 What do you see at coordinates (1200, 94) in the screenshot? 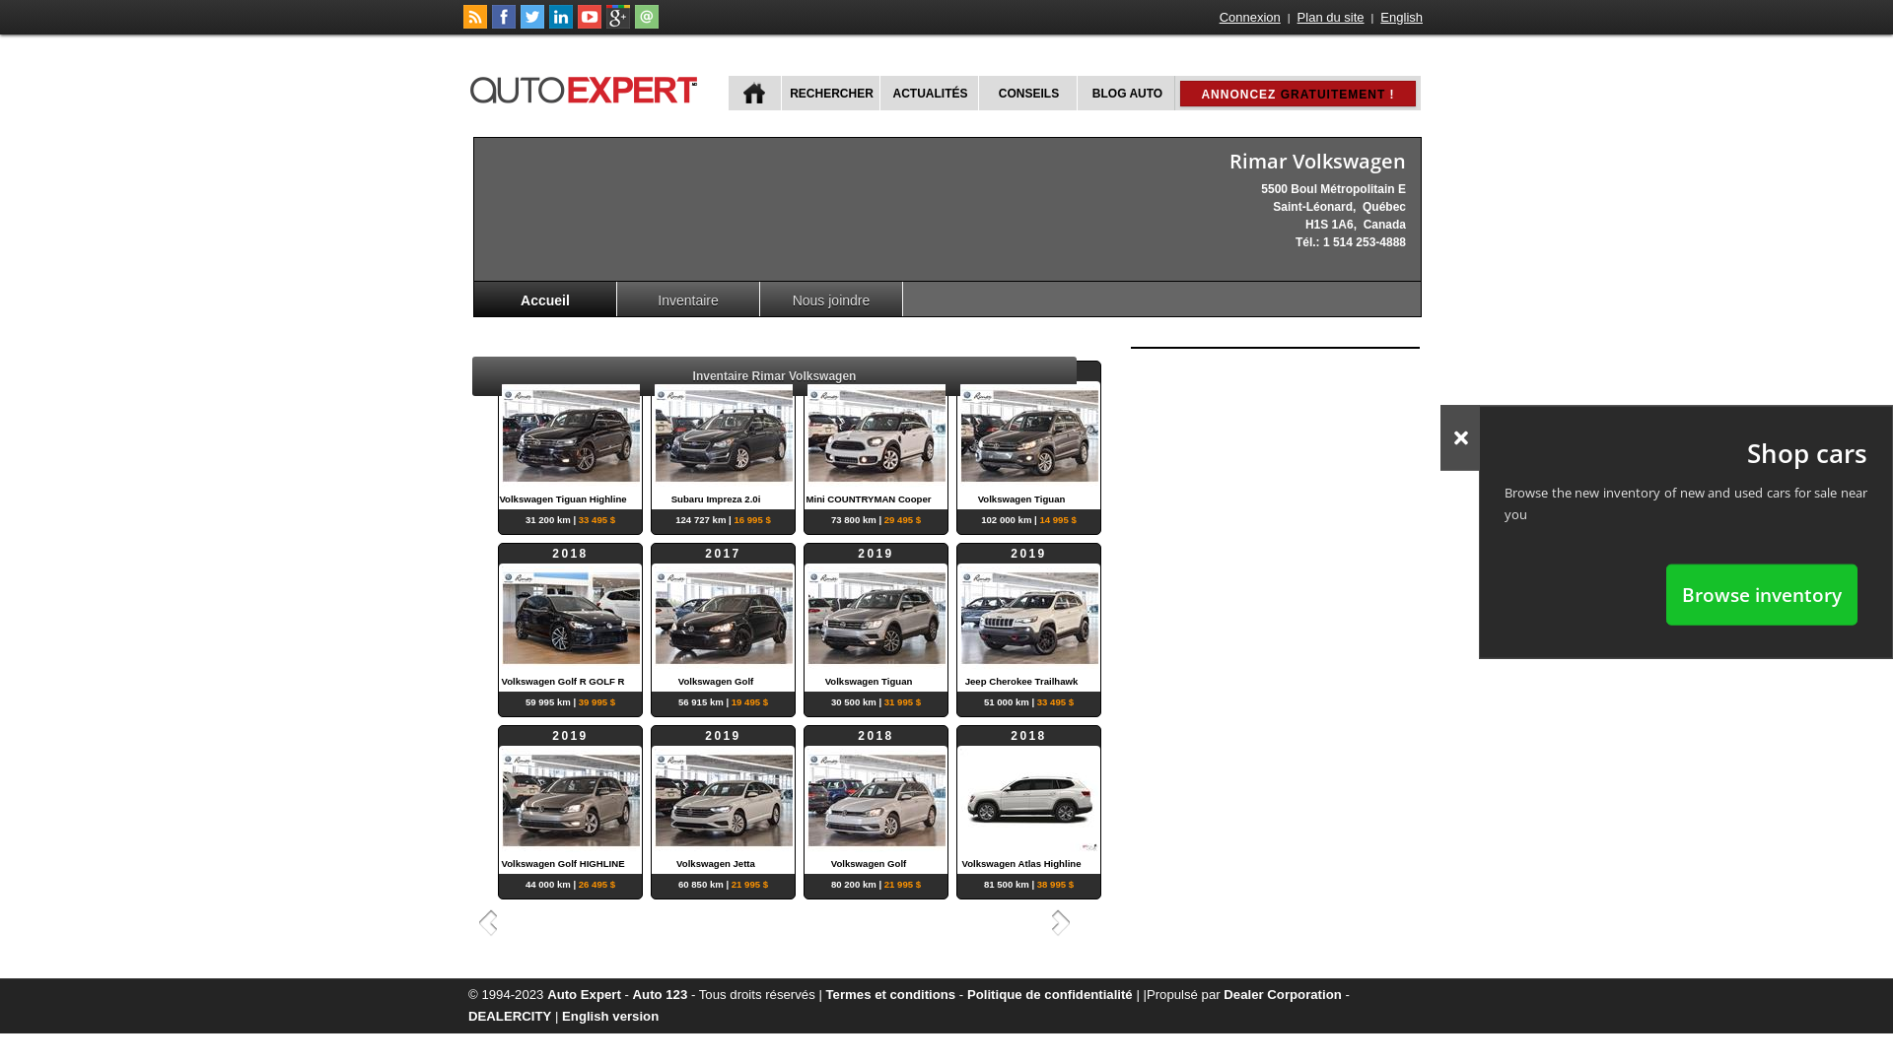
I see `'ANNONCEZ GRATUITEMENT !'` at bounding box center [1200, 94].